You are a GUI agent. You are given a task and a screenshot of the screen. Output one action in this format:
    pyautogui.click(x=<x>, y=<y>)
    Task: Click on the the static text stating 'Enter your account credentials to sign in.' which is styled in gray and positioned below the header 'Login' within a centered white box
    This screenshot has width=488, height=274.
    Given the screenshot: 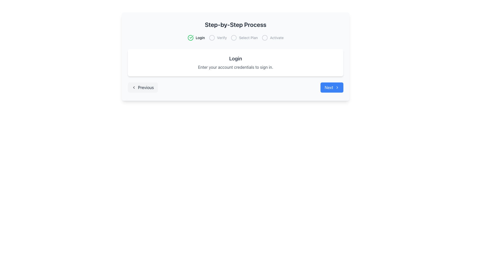 What is the action you would take?
    pyautogui.click(x=235, y=67)
    